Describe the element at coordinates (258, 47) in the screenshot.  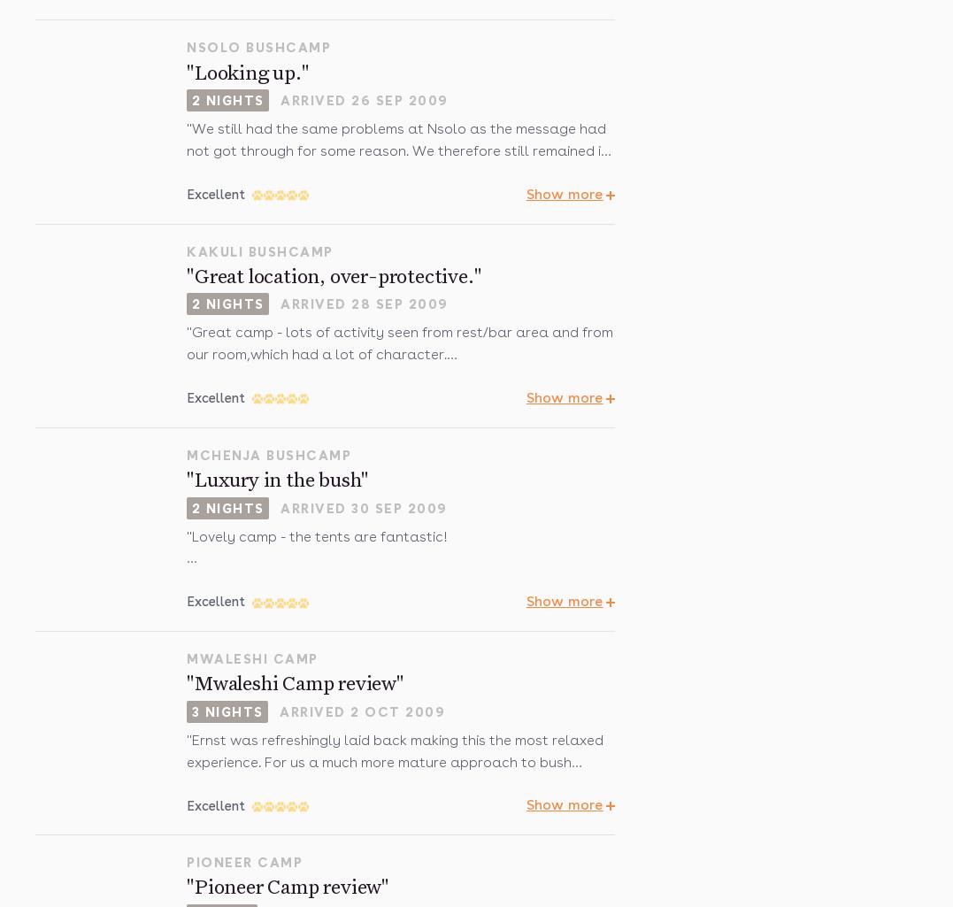
I see `'Nsolo Bushcamp'` at that location.